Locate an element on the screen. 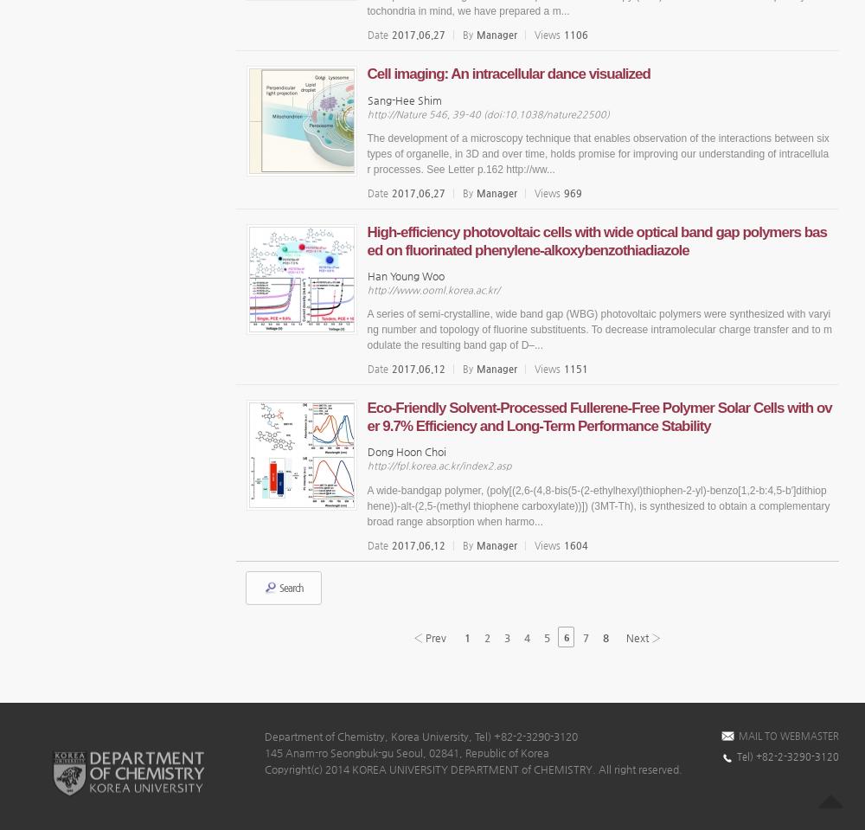 This screenshot has height=830, width=865. 'MAIL TO WEBMASTER' is located at coordinates (789, 734).